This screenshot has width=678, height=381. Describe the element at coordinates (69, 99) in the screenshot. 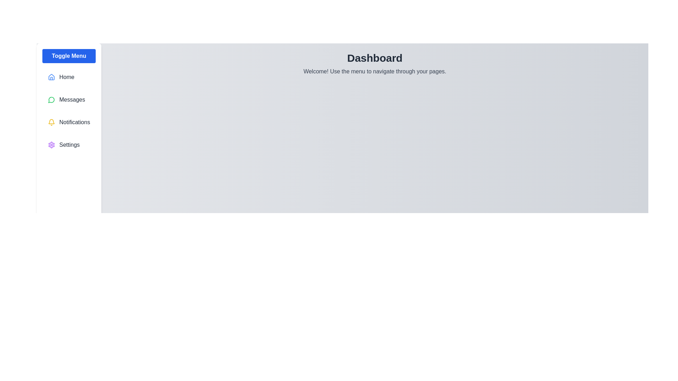

I see `the menu item labeled Messages to observe the hover effect` at that location.